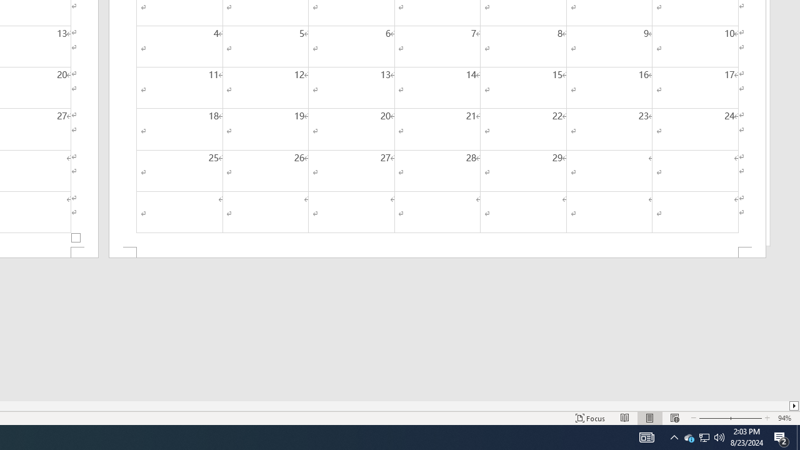 This screenshot has width=800, height=450. What do you see at coordinates (794, 406) in the screenshot?
I see `'Column right'` at bounding box center [794, 406].